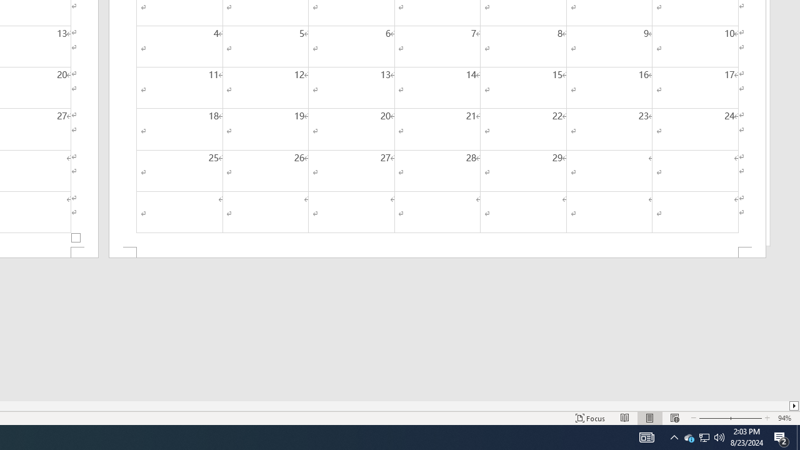 This screenshot has width=800, height=450. What do you see at coordinates (794, 406) in the screenshot?
I see `'Column right'` at bounding box center [794, 406].